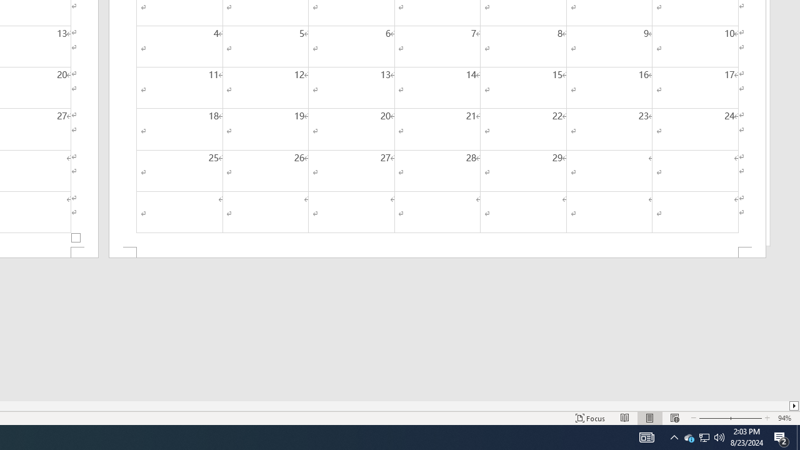 This screenshot has width=800, height=450. What do you see at coordinates (794, 406) in the screenshot?
I see `'Column right'` at bounding box center [794, 406].